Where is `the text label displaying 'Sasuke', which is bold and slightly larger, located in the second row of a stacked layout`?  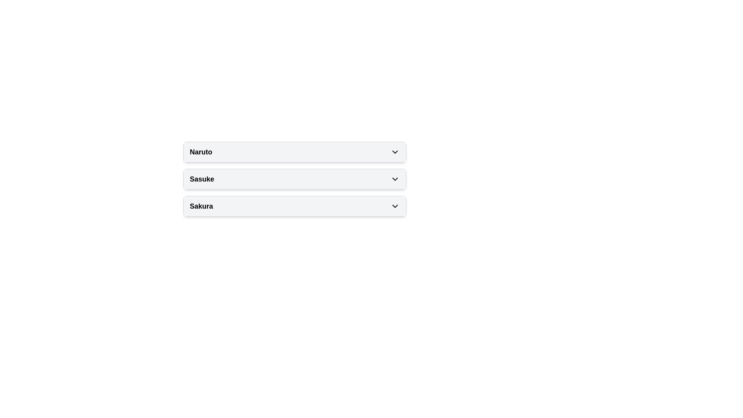
the text label displaying 'Sasuke', which is bold and slightly larger, located in the second row of a stacked layout is located at coordinates (202, 179).